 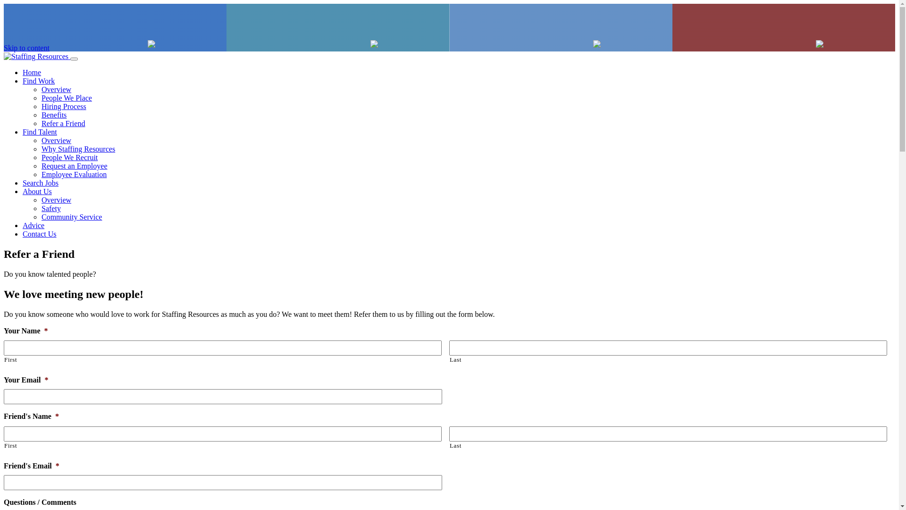 What do you see at coordinates (69, 157) in the screenshot?
I see `'People We Recruit'` at bounding box center [69, 157].